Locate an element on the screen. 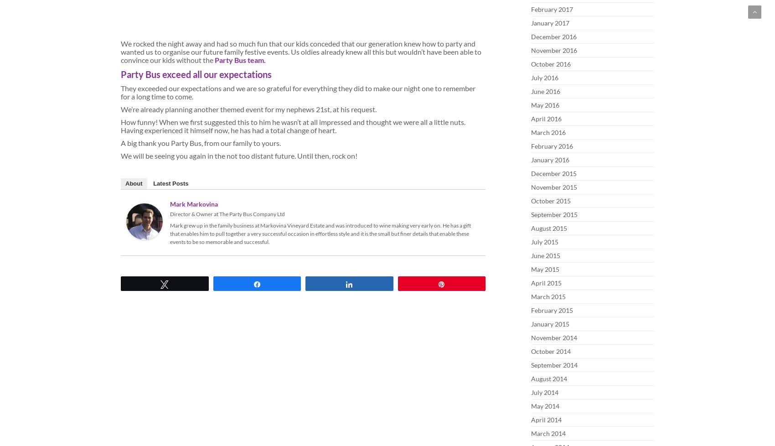 Image resolution: width=775 pixels, height=446 pixels. 'August 2014' is located at coordinates (548, 378).